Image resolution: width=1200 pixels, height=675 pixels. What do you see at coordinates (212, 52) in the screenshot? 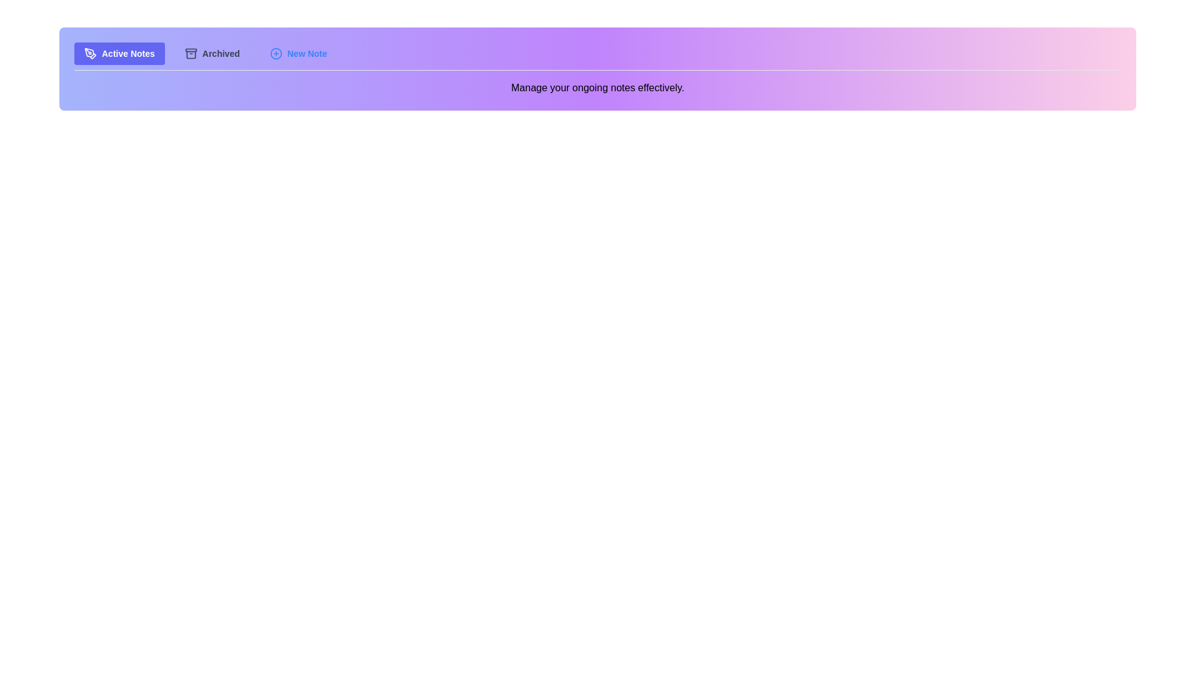
I see `the Archived tab` at bounding box center [212, 52].